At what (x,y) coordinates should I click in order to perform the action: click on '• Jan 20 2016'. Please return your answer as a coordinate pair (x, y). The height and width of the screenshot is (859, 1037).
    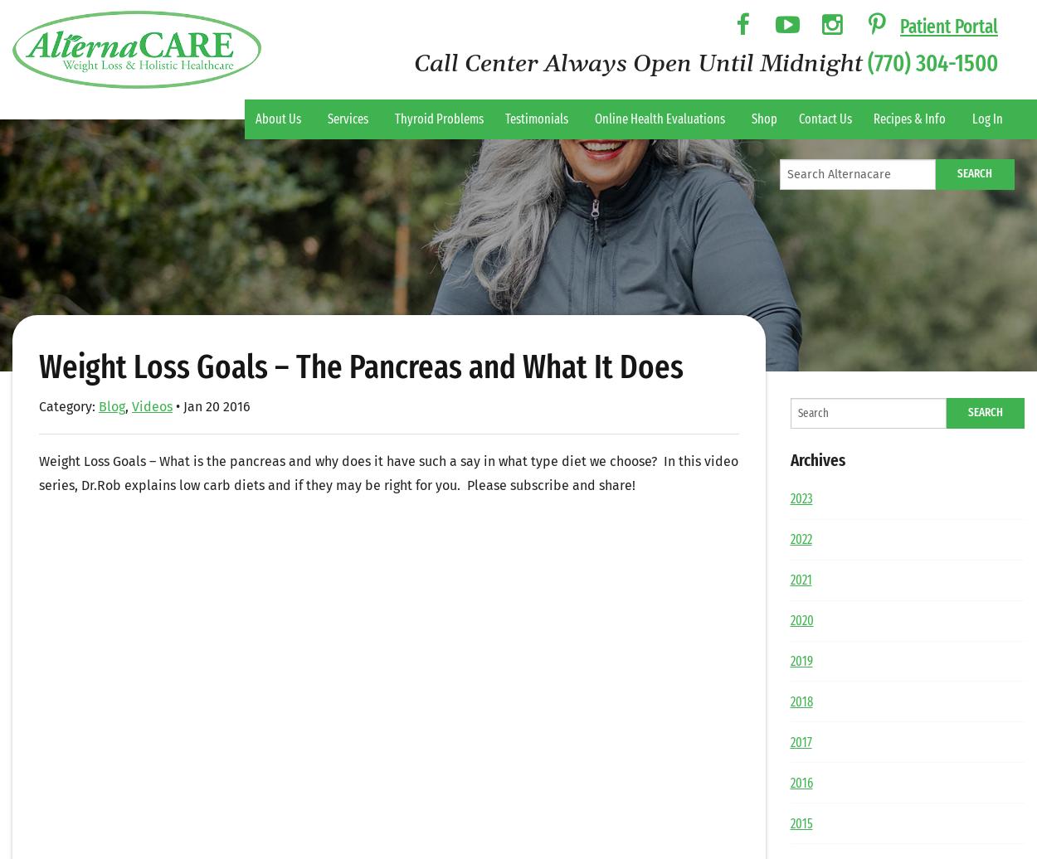
    Looking at the image, I should click on (211, 405).